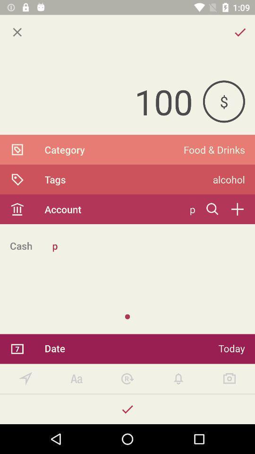 Image resolution: width=255 pixels, height=454 pixels. What do you see at coordinates (212, 209) in the screenshot?
I see `search account` at bounding box center [212, 209].